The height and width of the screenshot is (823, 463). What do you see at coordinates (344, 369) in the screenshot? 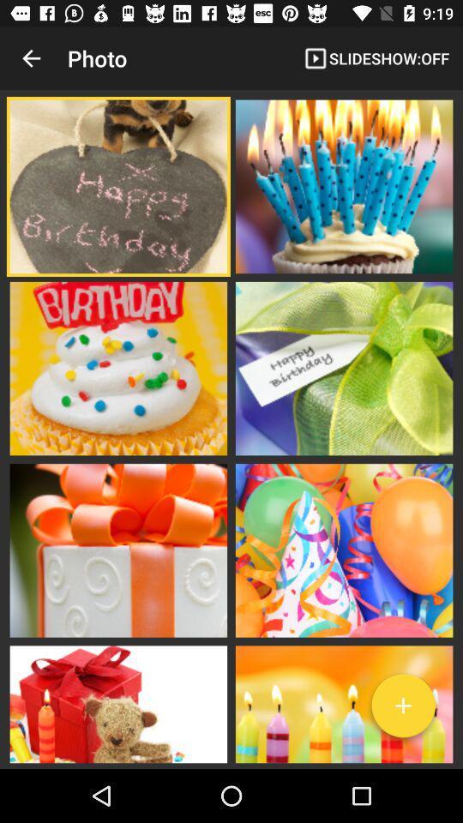
I see `icon on the right` at bounding box center [344, 369].